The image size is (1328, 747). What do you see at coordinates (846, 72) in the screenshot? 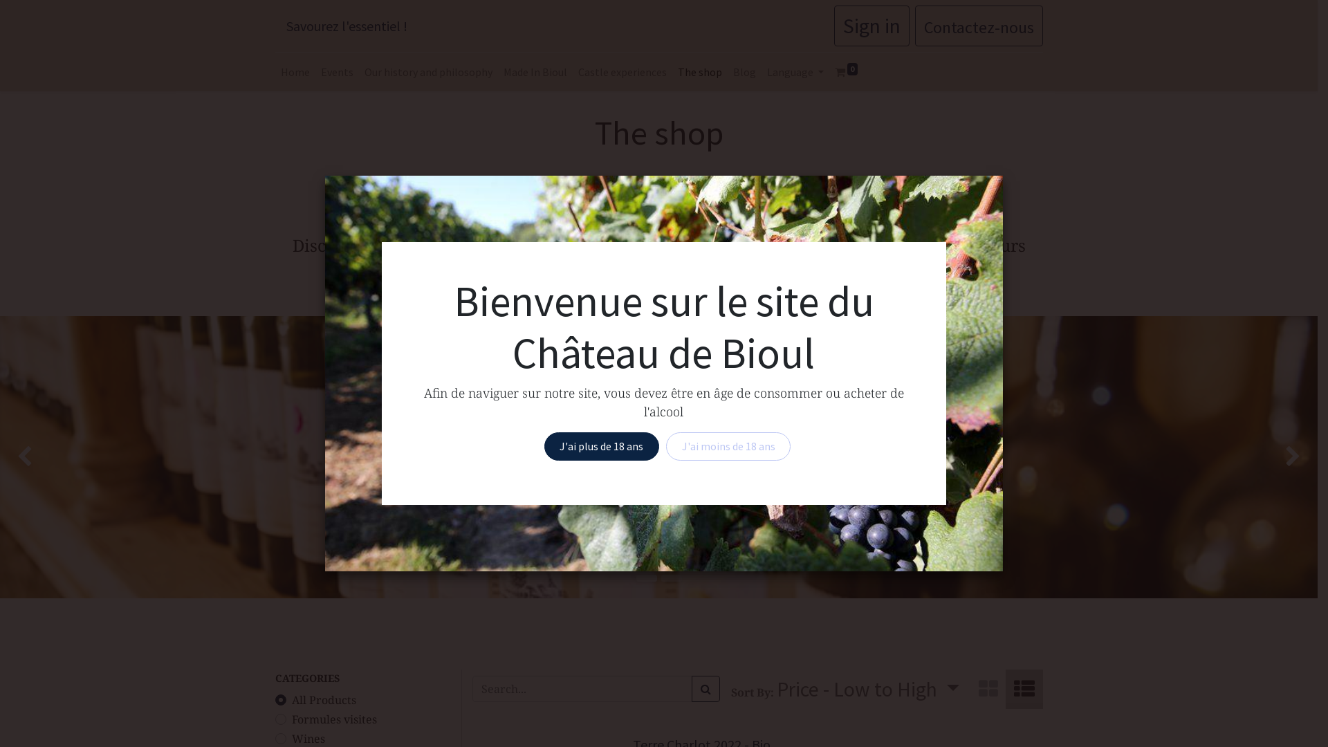
I see `'0'` at bounding box center [846, 72].